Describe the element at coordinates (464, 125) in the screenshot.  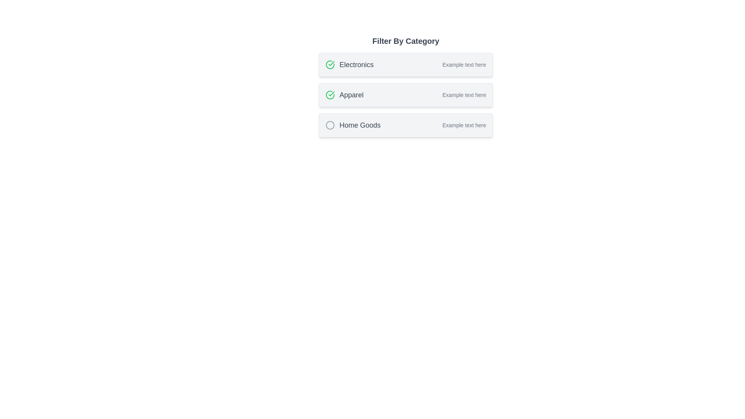
I see `the text label displaying 'Example text here' located at the bottom of the 'Home Goods' category list` at that location.